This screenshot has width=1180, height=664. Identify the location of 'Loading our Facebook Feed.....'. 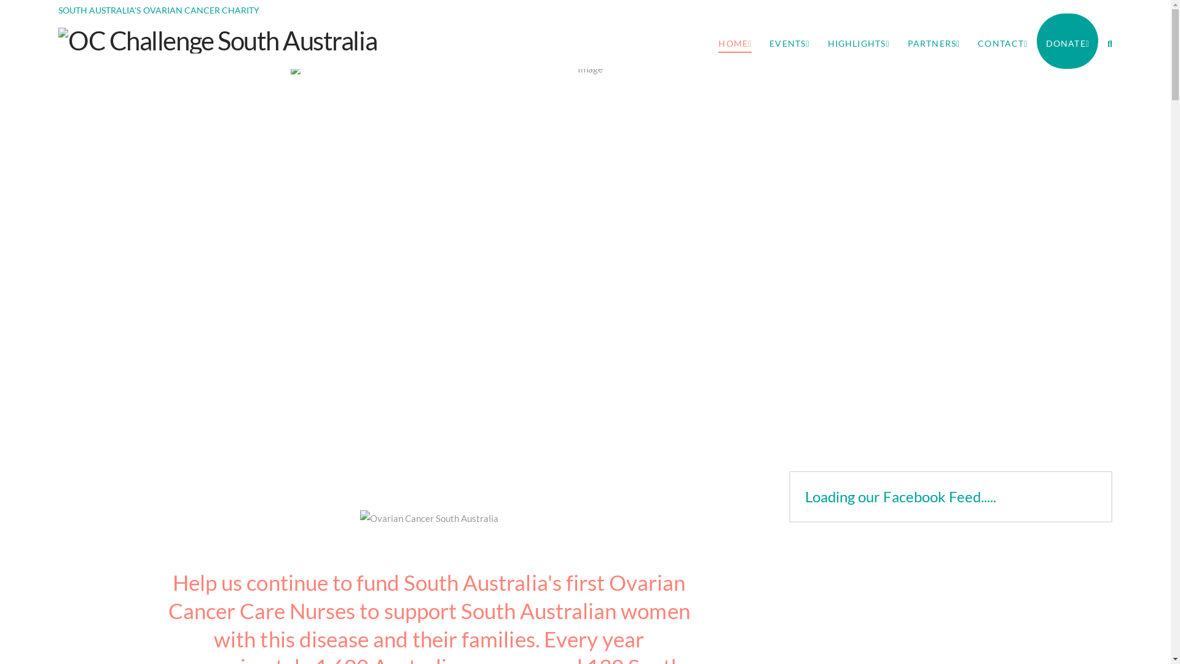
(900, 496).